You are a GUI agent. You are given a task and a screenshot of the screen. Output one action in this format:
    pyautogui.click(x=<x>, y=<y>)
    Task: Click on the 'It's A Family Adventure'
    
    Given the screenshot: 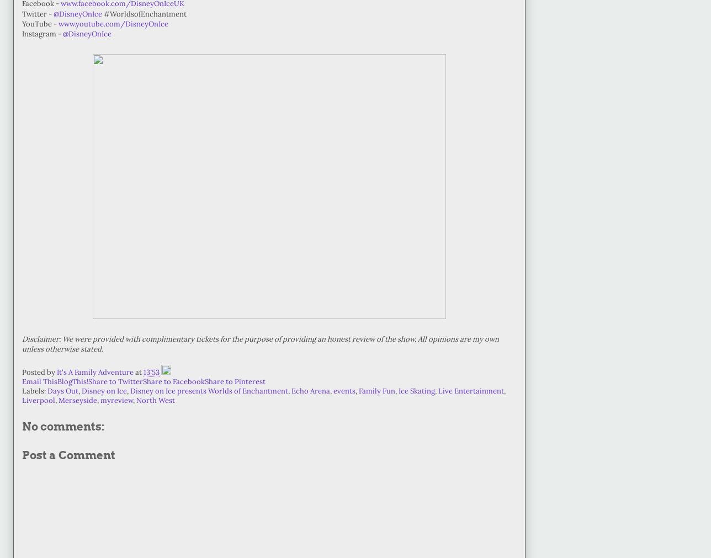 What is the action you would take?
    pyautogui.click(x=57, y=372)
    